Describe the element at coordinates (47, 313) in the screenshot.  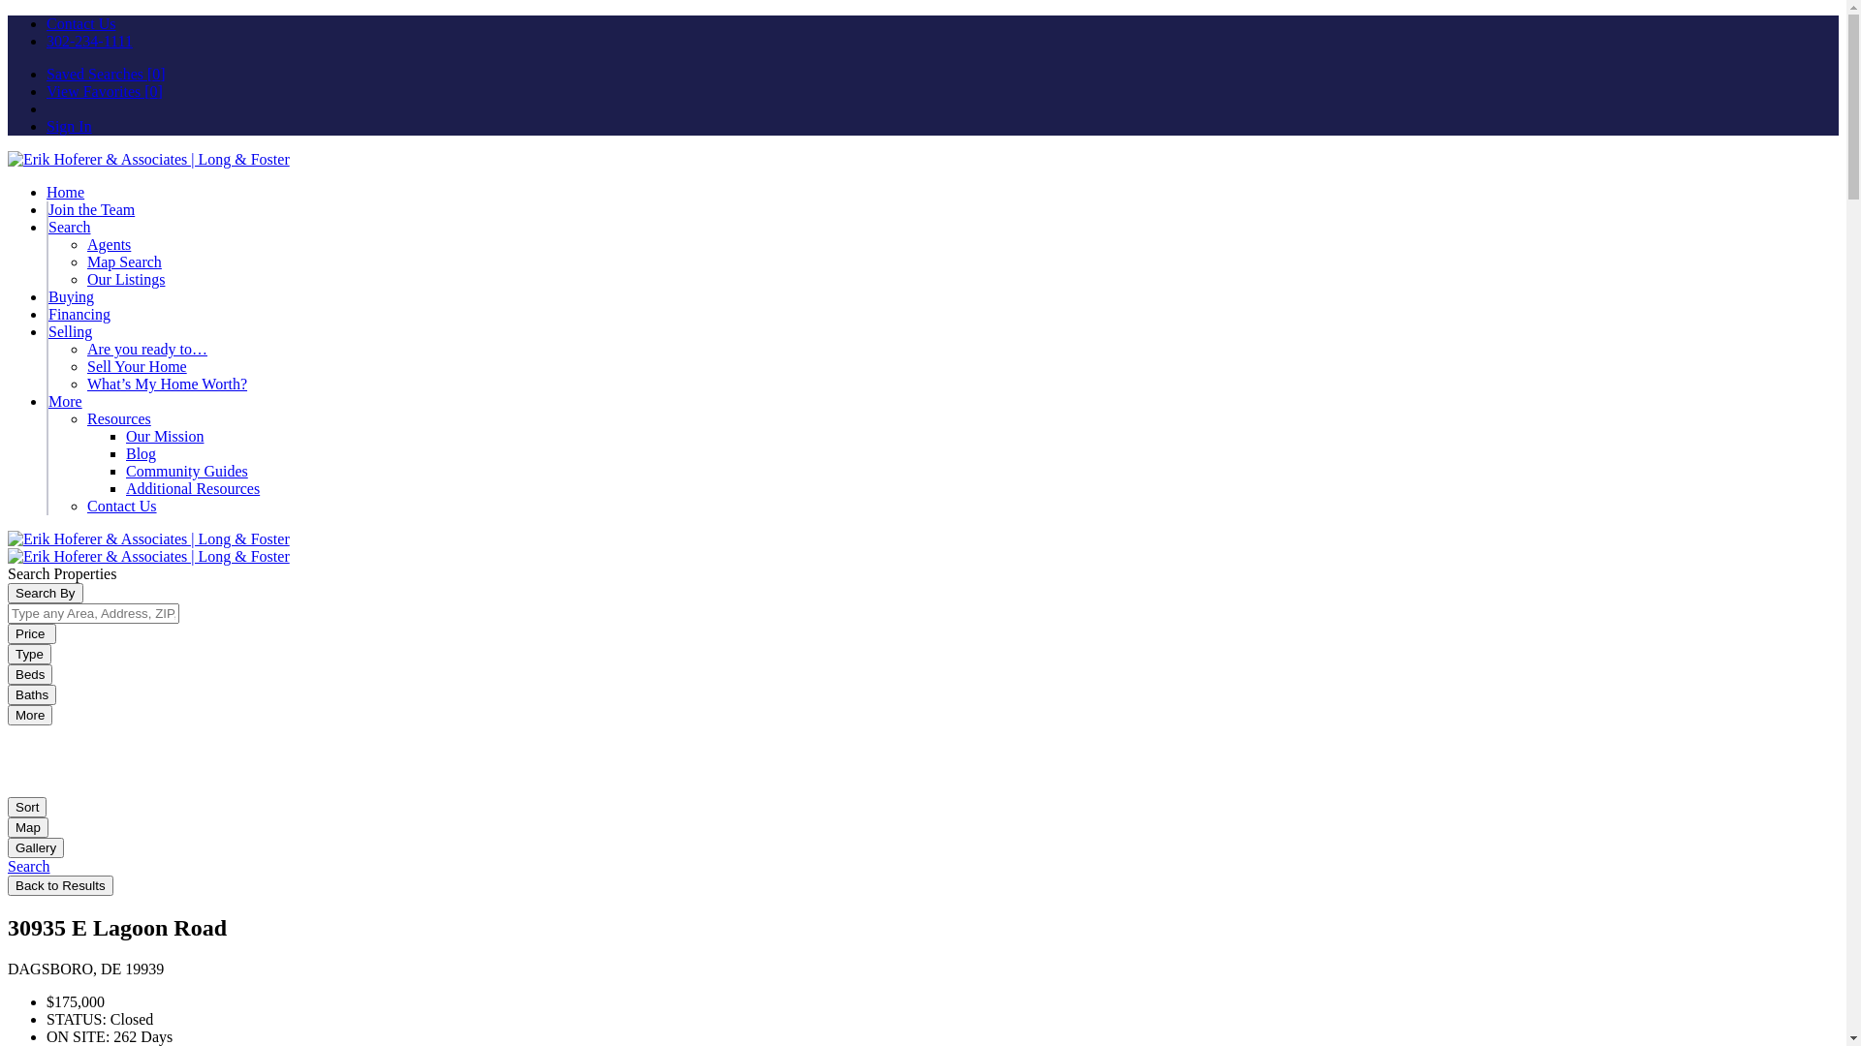
I see `'Financing'` at that location.